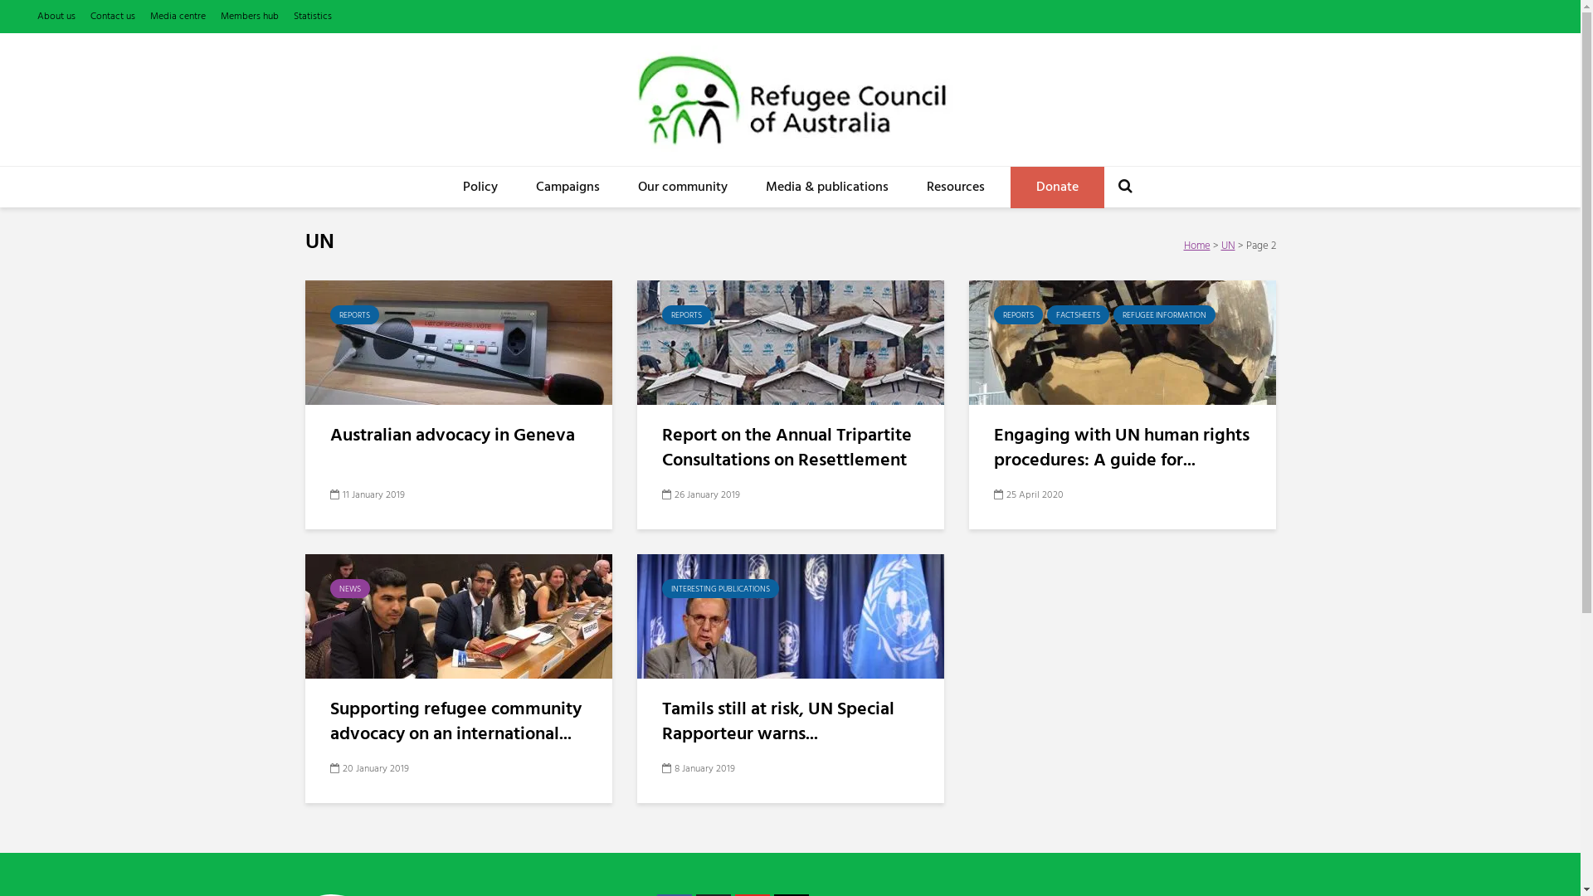  What do you see at coordinates (56, 16) in the screenshot?
I see `'About us'` at bounding box center [56, 16].